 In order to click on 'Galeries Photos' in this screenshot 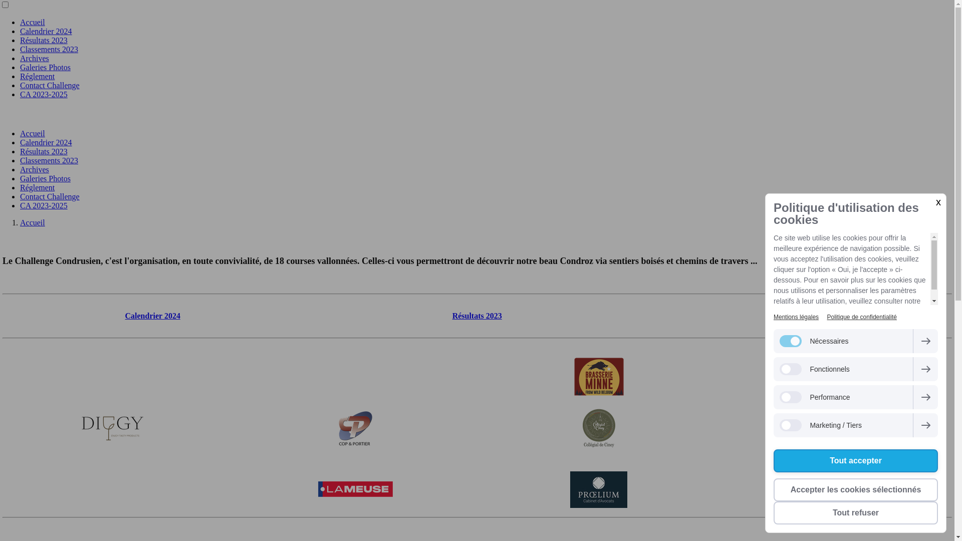, I will do `click(20, 67)`.